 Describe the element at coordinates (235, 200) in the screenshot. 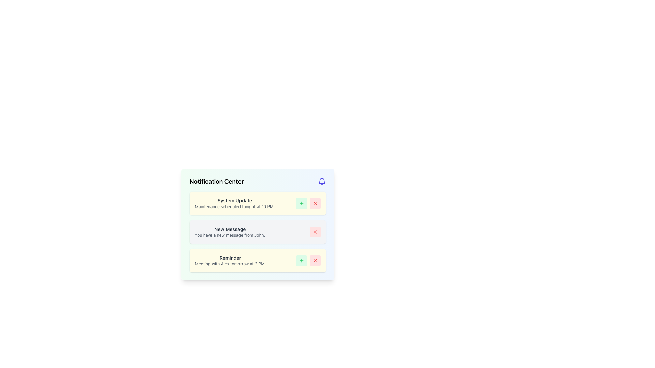

I see `the text label that serves as the title for the notification, located at the top of the notification list, above the description 'Maintenance scheduled tonight at 10 PM.'` at that location.